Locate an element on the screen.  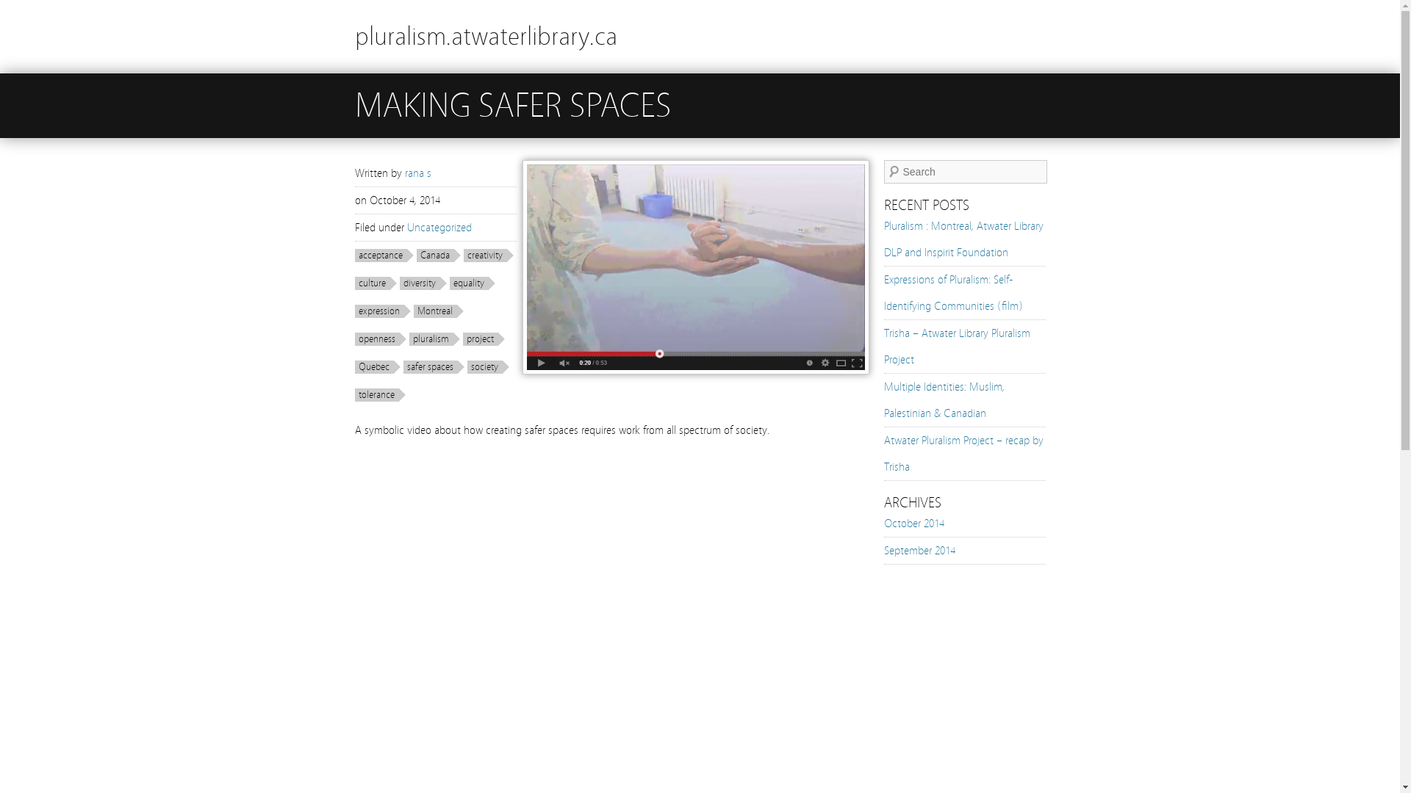
'Canada' is located at coordinates (437, 254).